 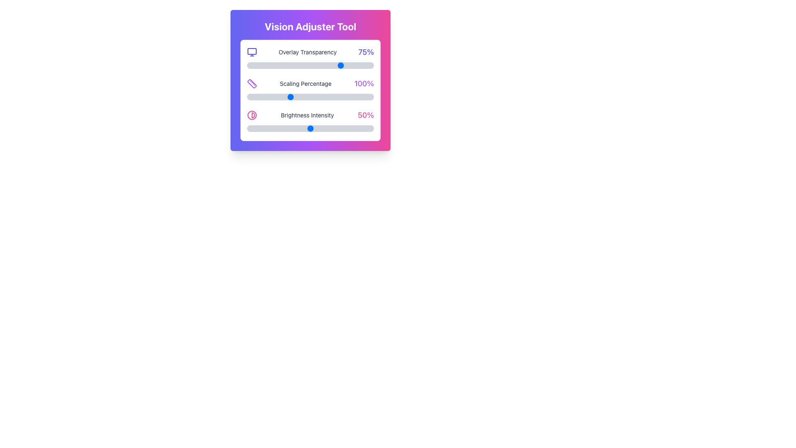 I want to click on any sliders within the Settings adjustment card located under the 'Vision Adjuster Tool' heading, so click(x=310, y=90).